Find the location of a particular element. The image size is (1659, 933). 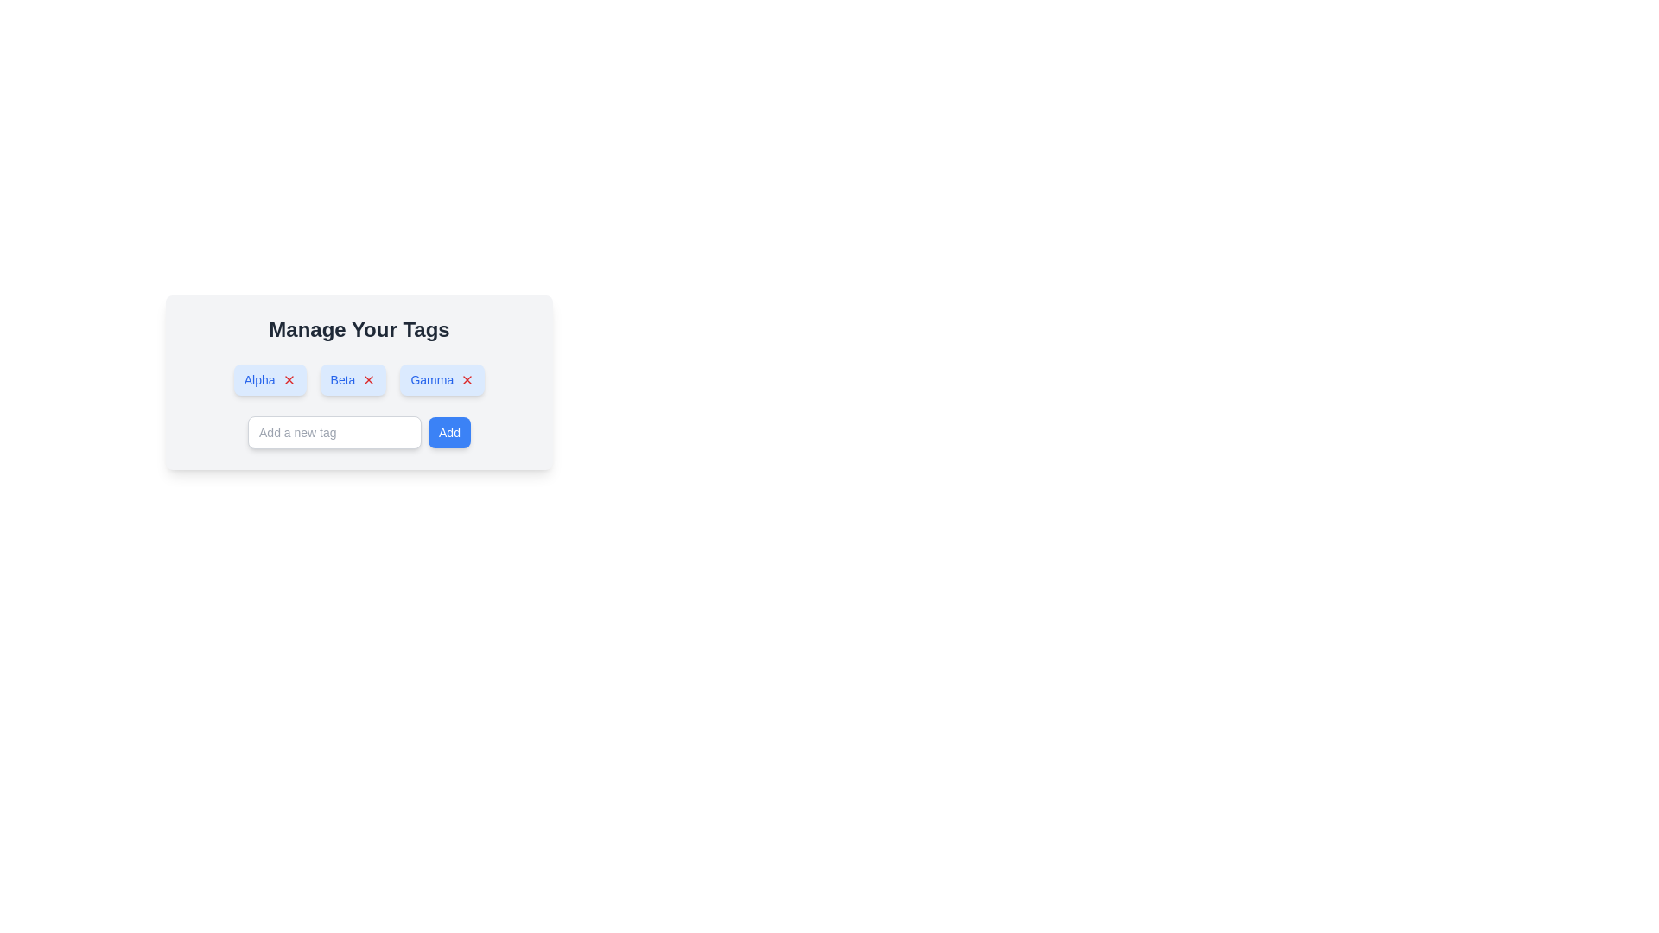

the 'Gamma' tag is located at coordinates (442, 378).